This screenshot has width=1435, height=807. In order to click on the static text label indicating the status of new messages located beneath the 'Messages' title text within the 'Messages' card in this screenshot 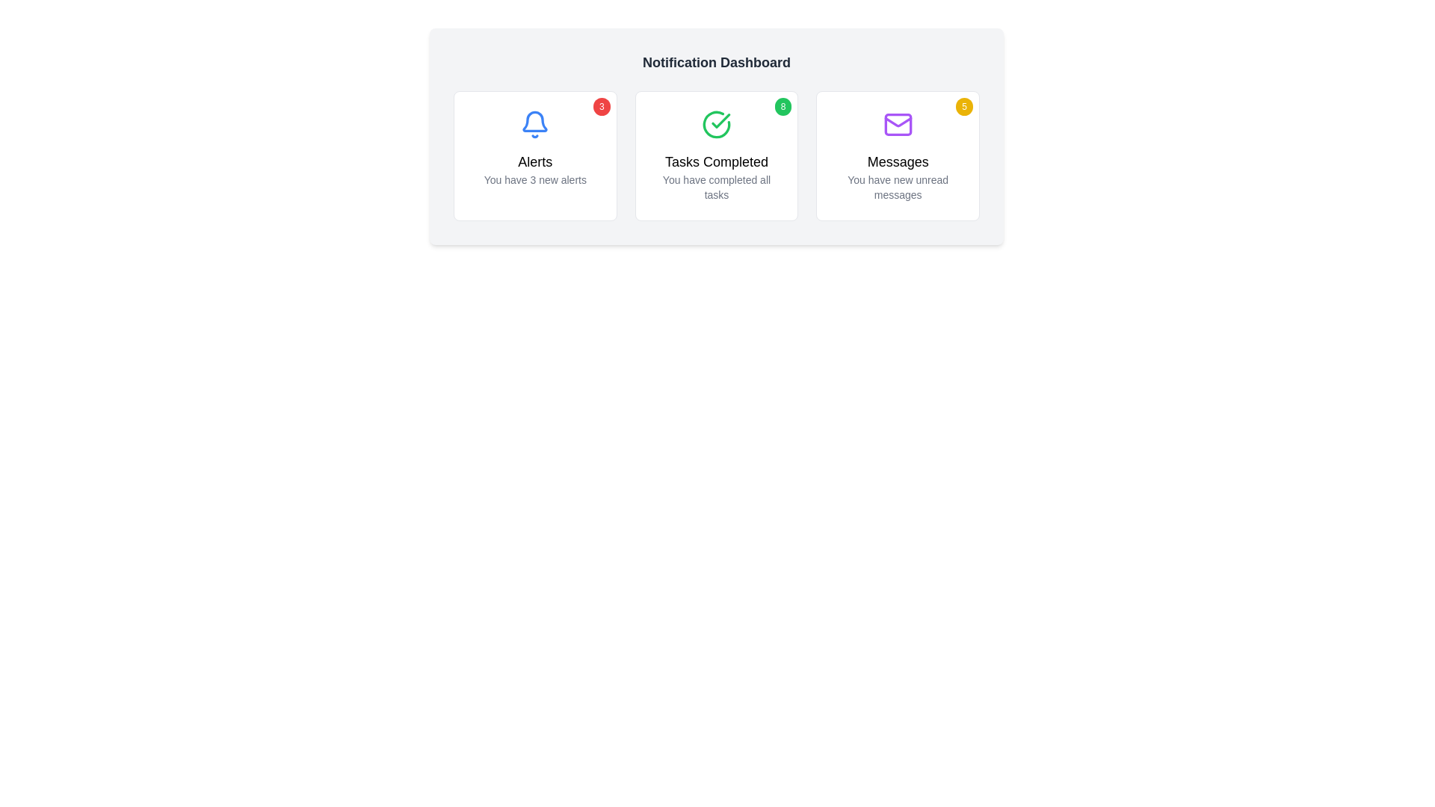, I will do `click(897, 186)`.